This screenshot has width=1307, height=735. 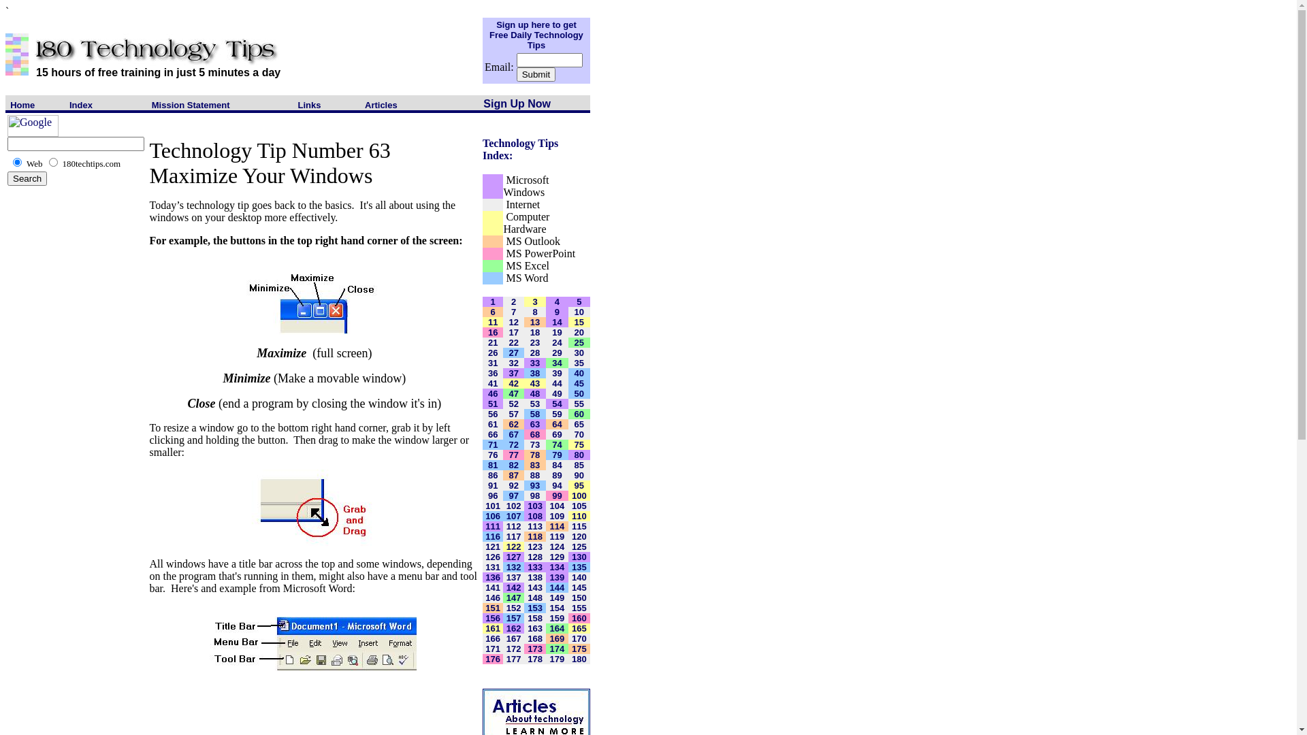 I want to click on '77', so click(x=512, y=455).